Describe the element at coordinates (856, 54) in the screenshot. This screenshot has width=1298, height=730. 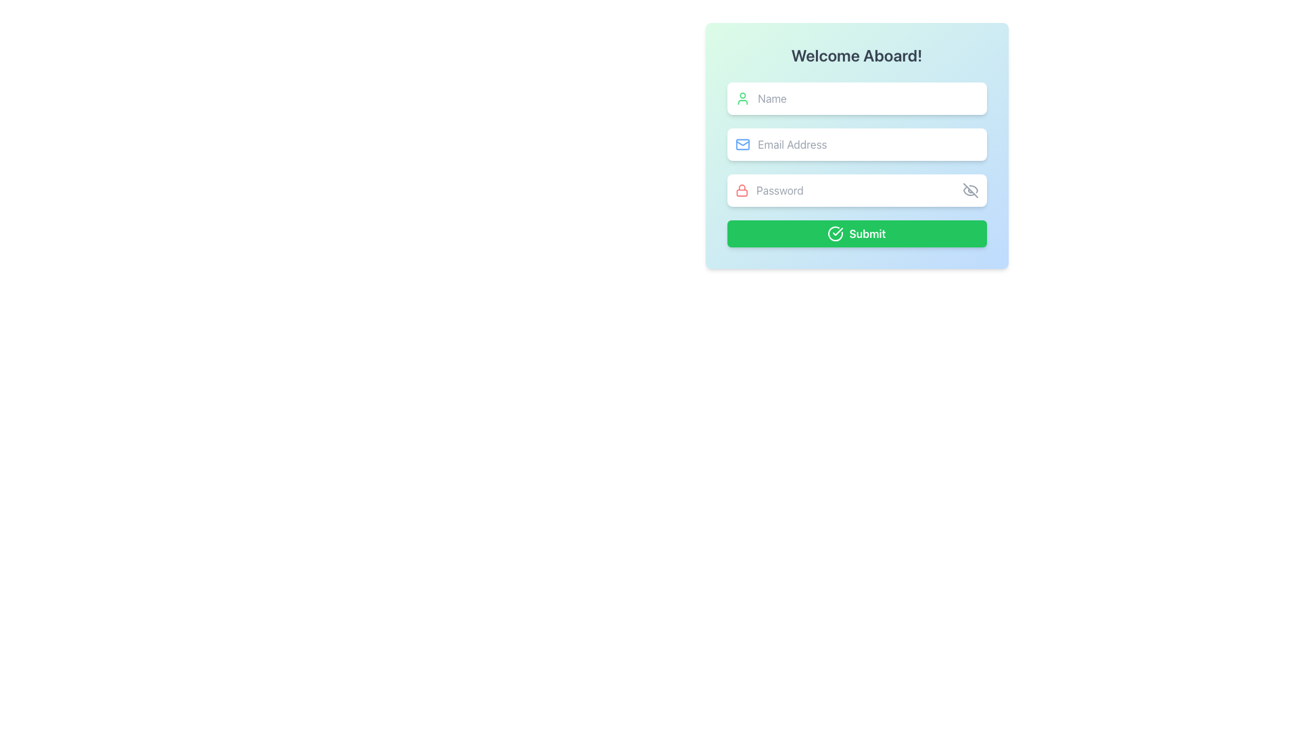
I see `the welcoming header text label located at the top of the form, which serves to orient users to the purpose of the interface` at that location.